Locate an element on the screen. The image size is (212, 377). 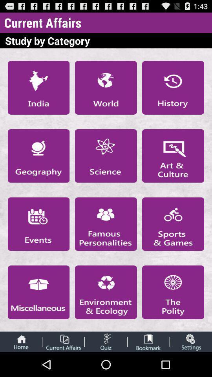
choose category is located at coordinates (38, 88).